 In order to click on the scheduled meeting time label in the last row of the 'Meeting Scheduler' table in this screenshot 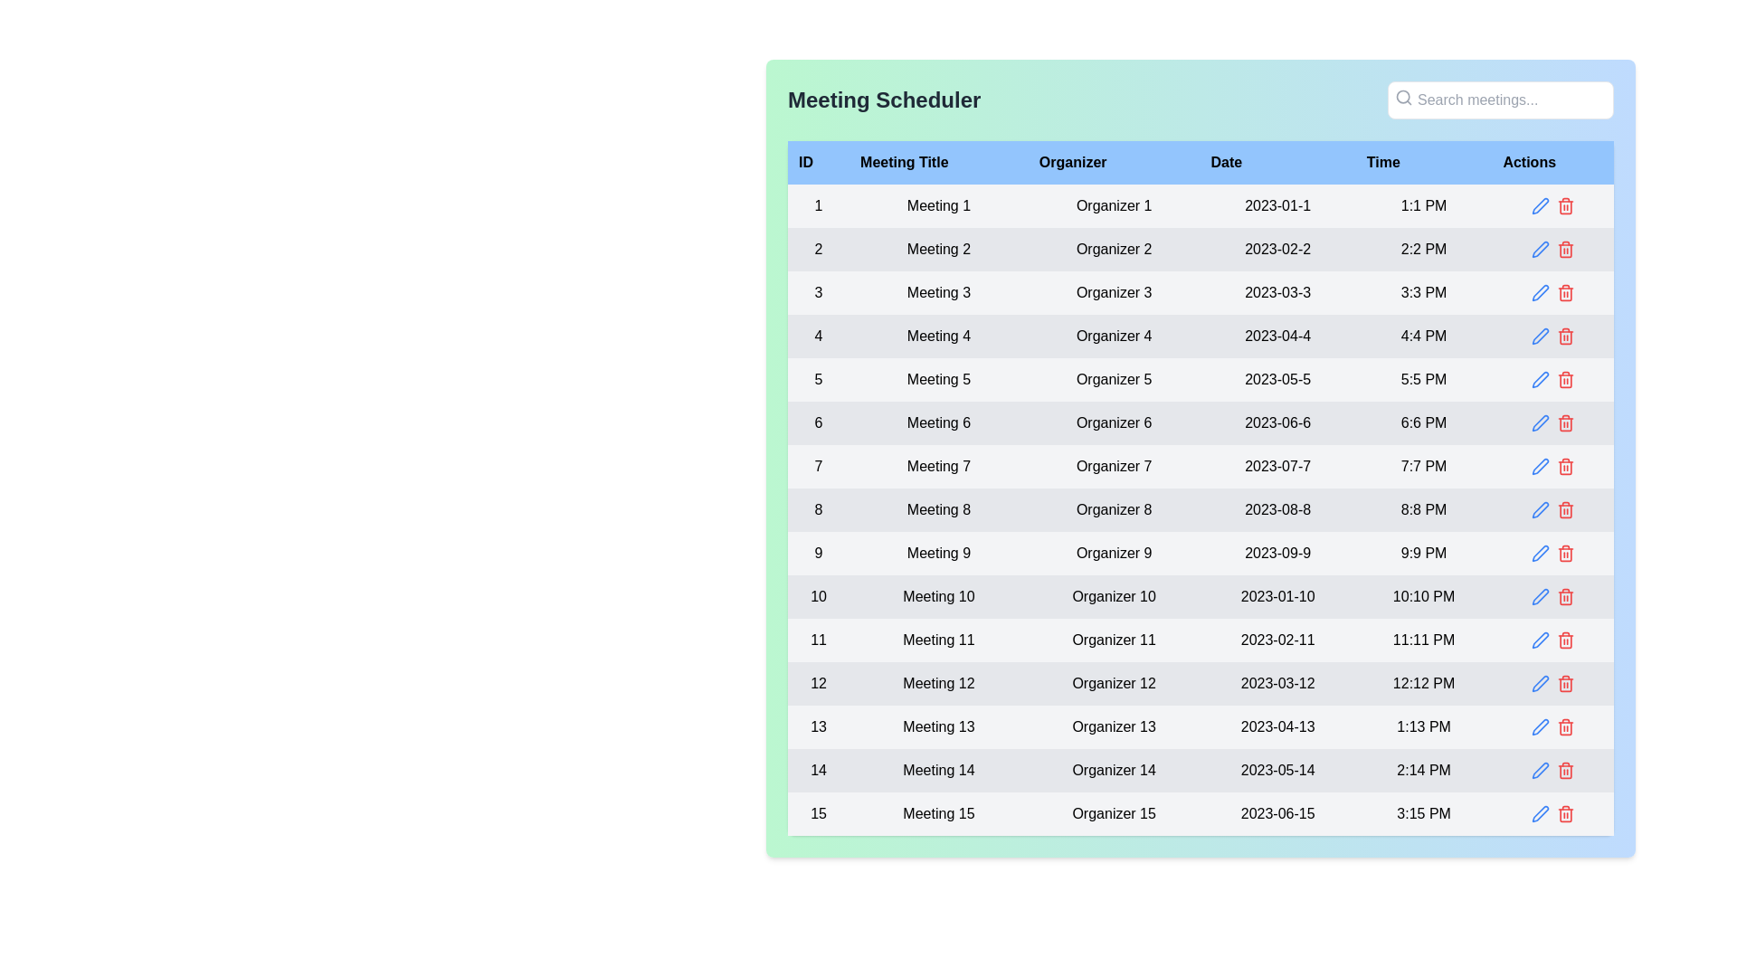, I will do `click(1423, 812)`.